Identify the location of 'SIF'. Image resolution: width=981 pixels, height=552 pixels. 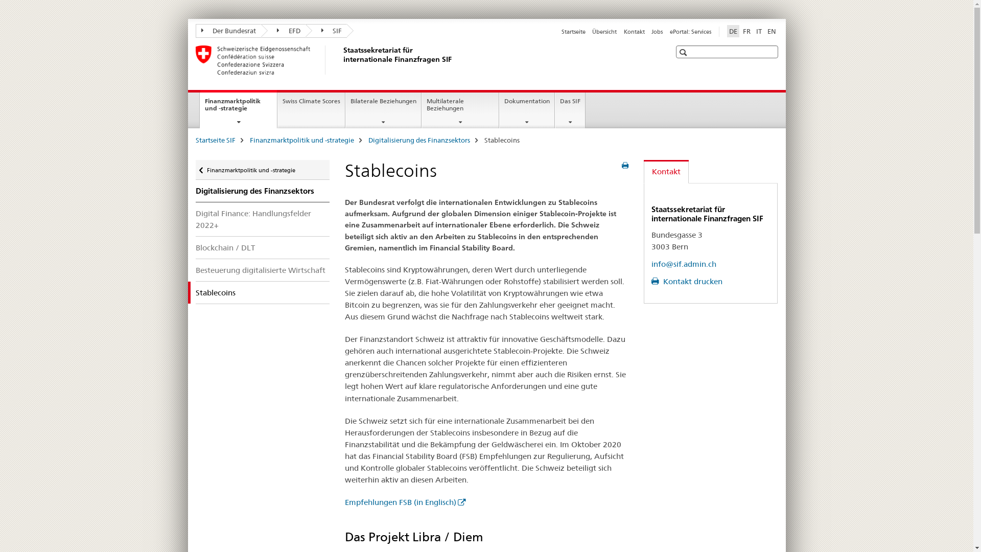
(325, 30).